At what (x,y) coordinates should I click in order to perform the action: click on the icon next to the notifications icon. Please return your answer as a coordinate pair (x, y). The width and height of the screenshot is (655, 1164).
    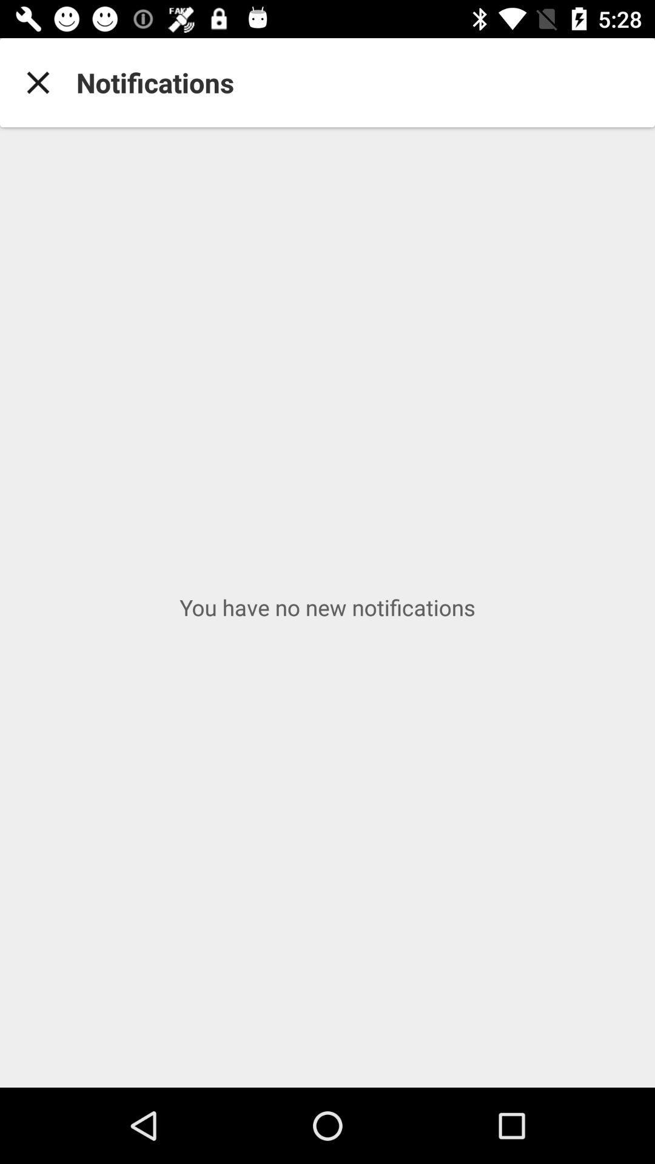
    Looking at the image, I should click on (37, 82).